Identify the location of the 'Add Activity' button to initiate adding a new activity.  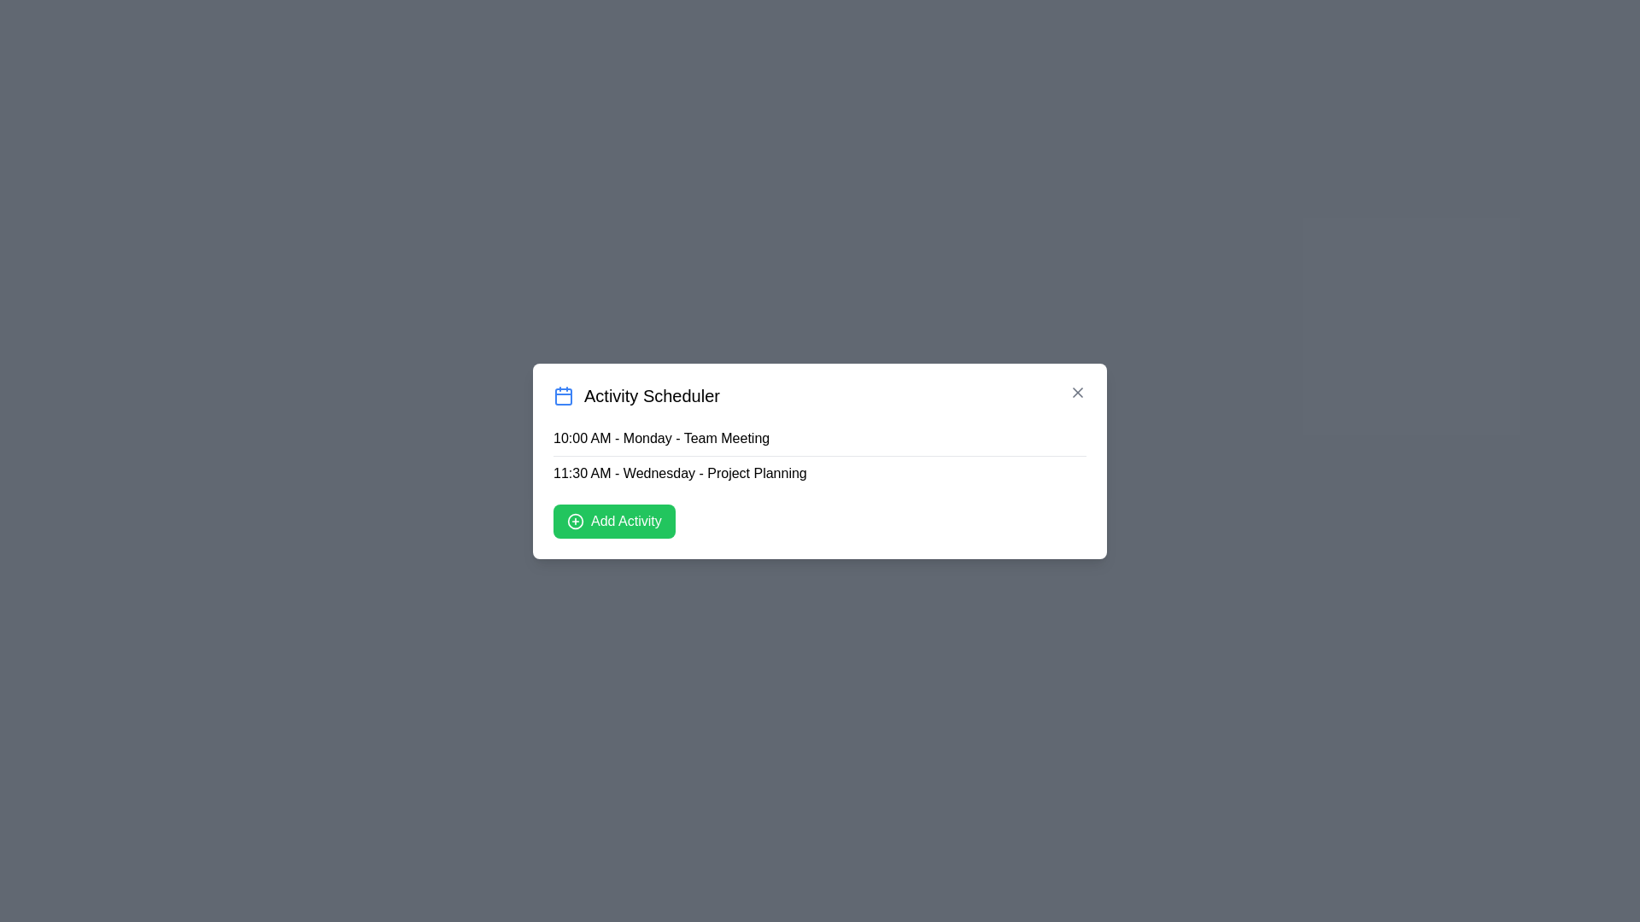
(614, 519).